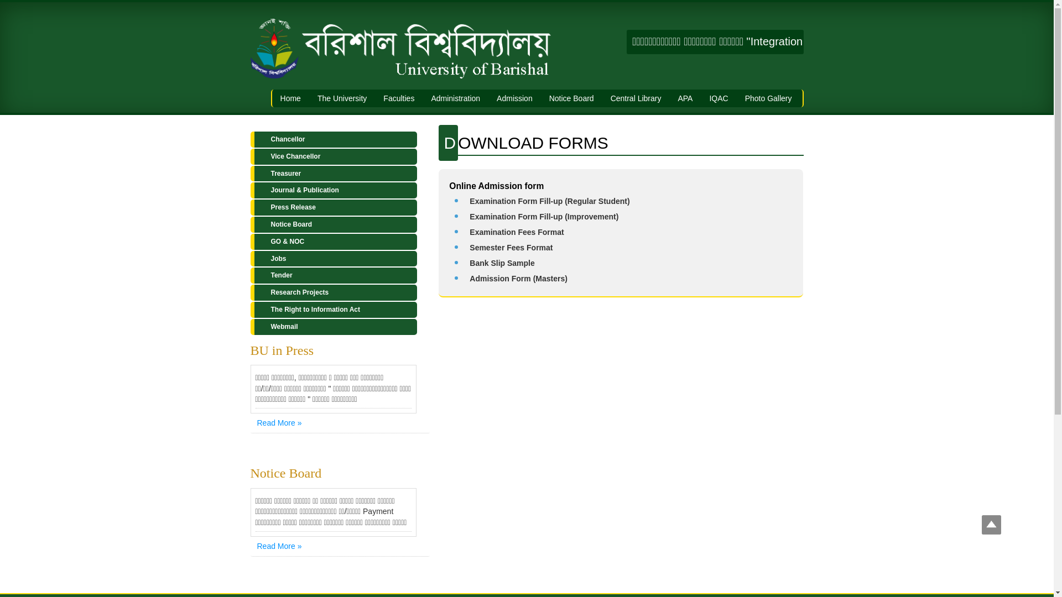  Describe the element at coordinates (602, 97) in the screenshot. I see `'Central Library'` at that location.